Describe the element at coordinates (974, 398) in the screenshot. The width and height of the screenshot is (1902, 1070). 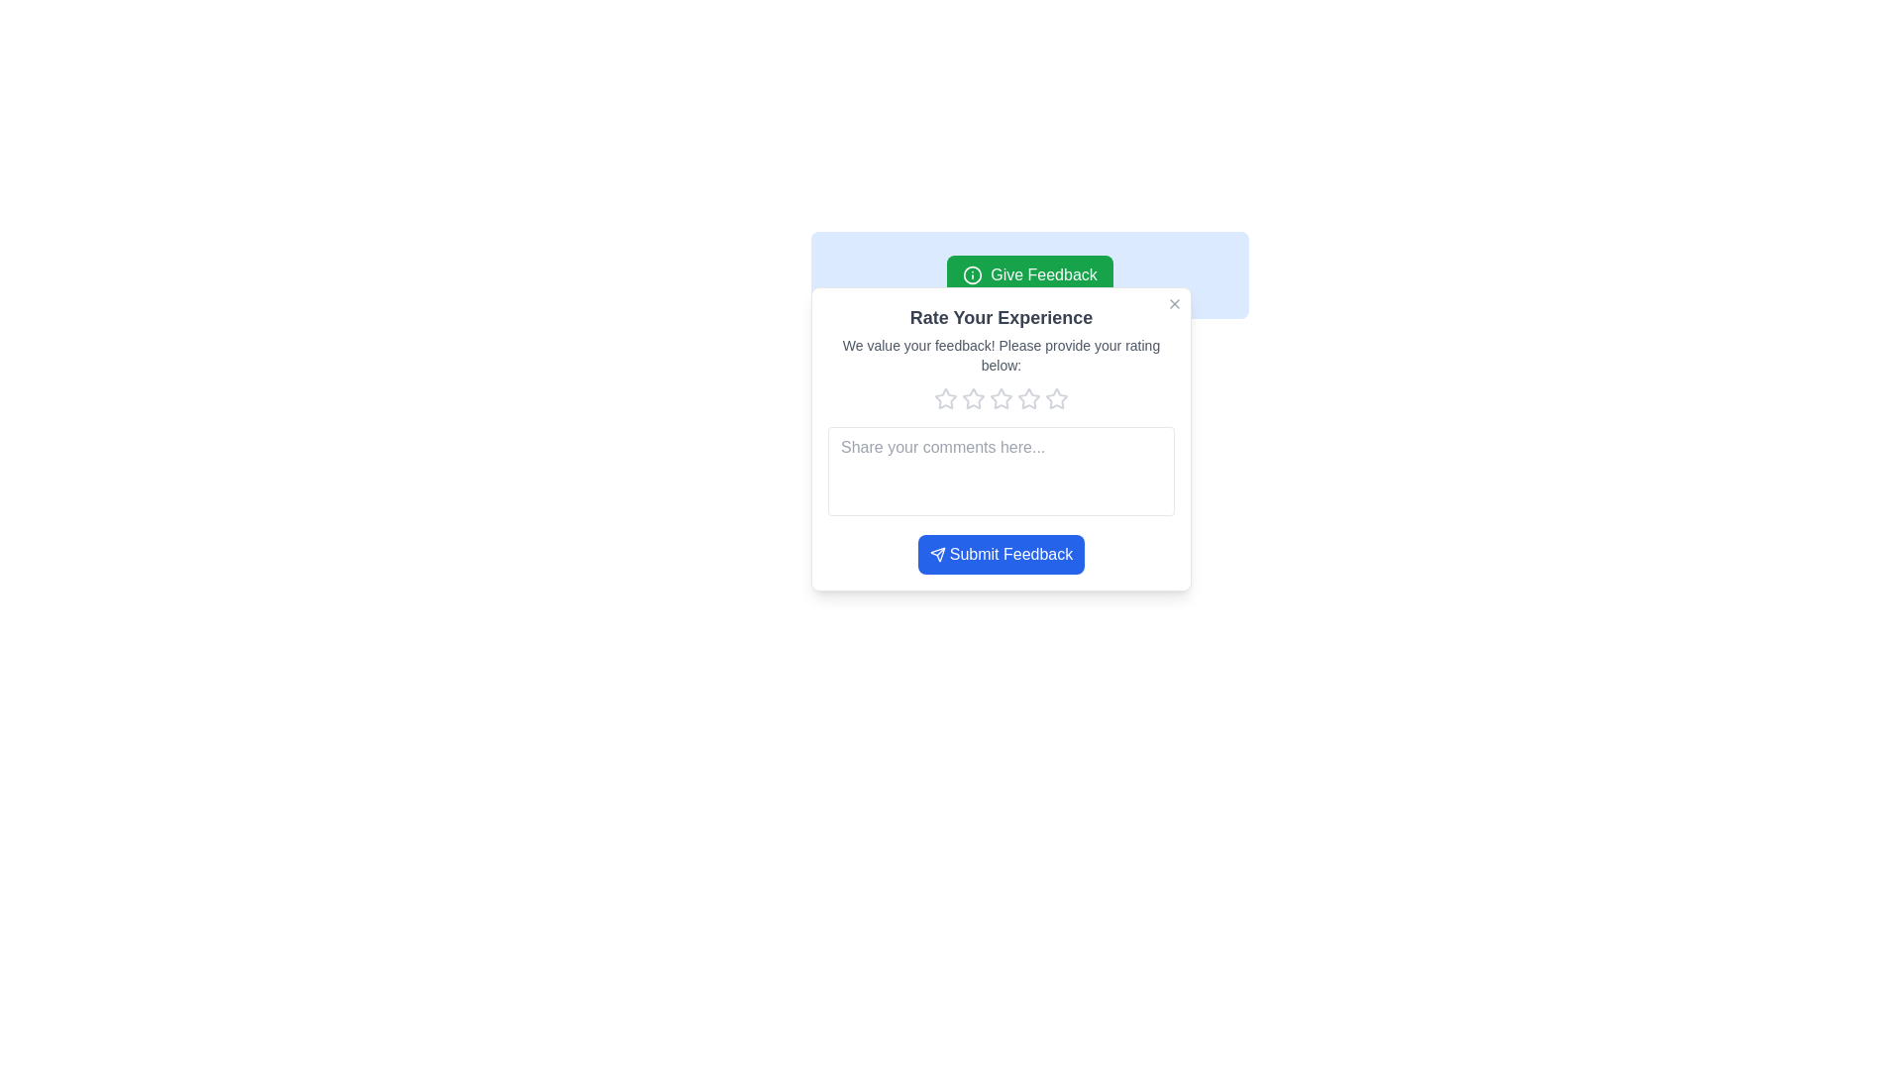
I see `the third star icon in the rating sequence to register a three-star rating for the feedback form` at that location.